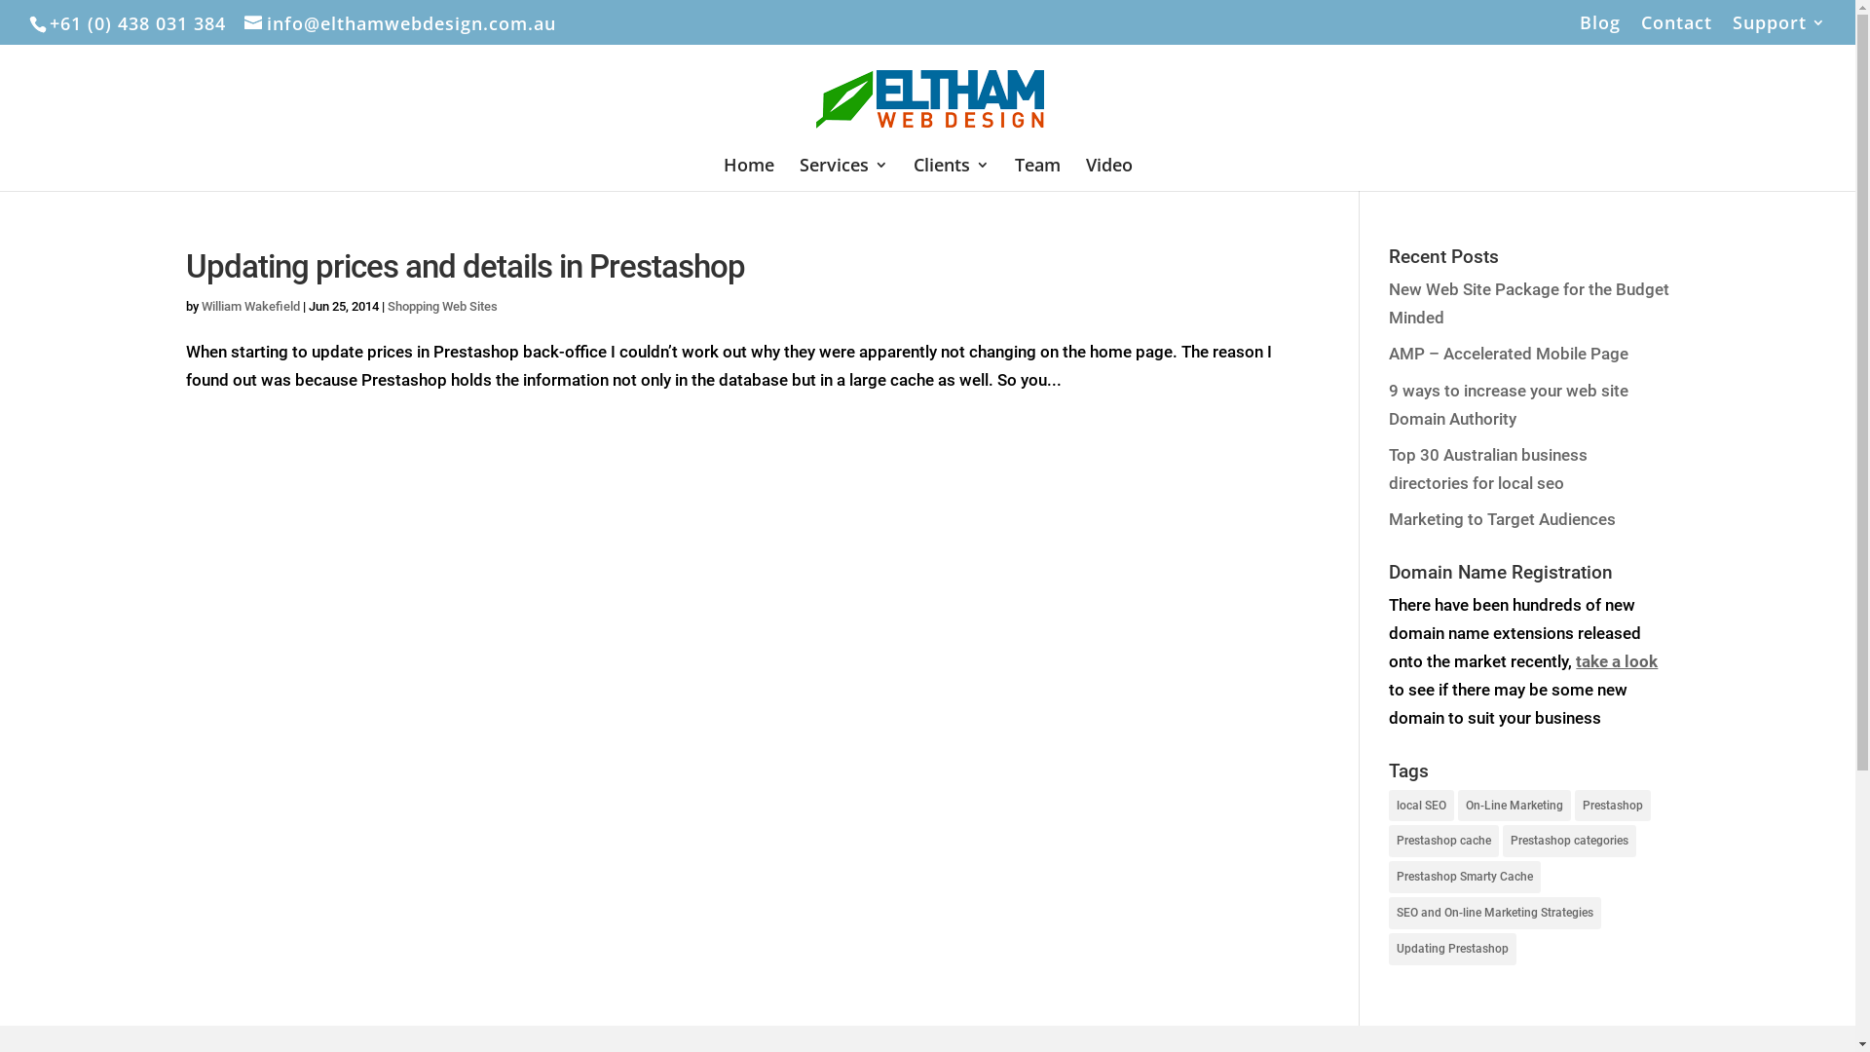 The height and width of the screenshot is (1052, 1870). Describe the element at coordinates (1501, 517) in the screenshot. I see `'Marketing to Target Audiences'` at that location.